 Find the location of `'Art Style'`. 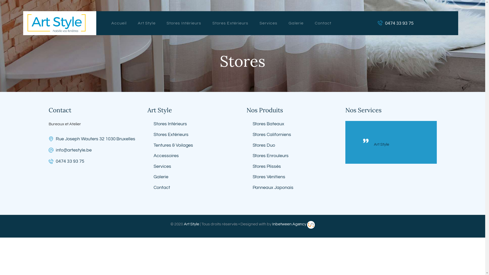

'Art Style' is located at coordinates (396, 144).